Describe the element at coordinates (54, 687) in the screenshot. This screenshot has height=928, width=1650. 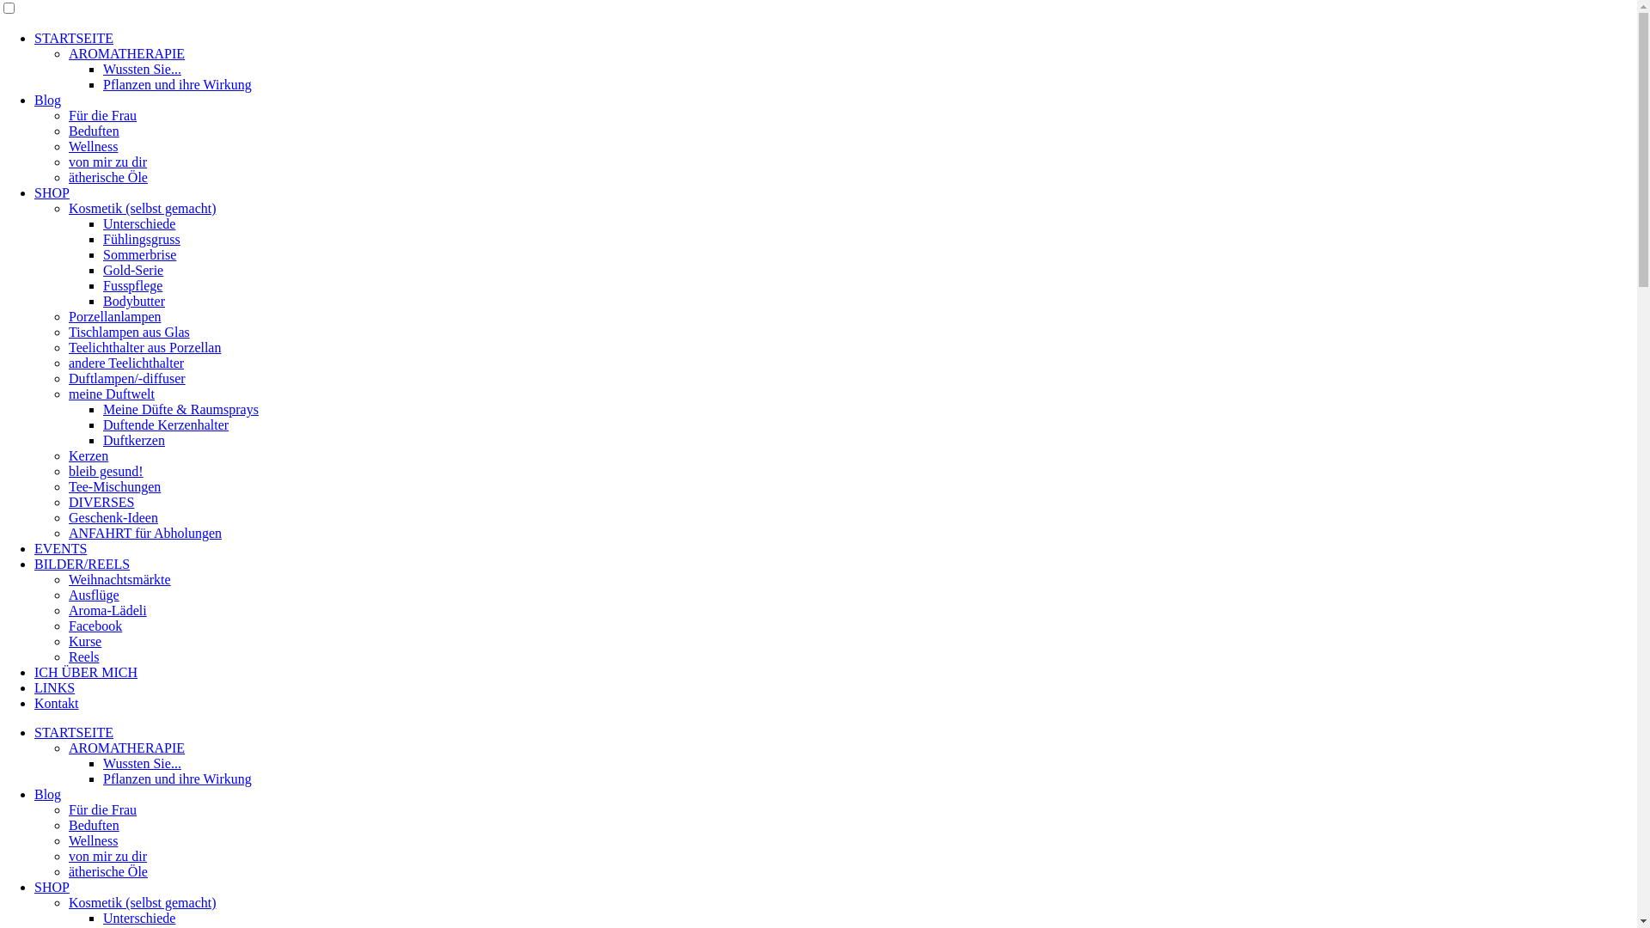
I see `'LINKS'` at that location.